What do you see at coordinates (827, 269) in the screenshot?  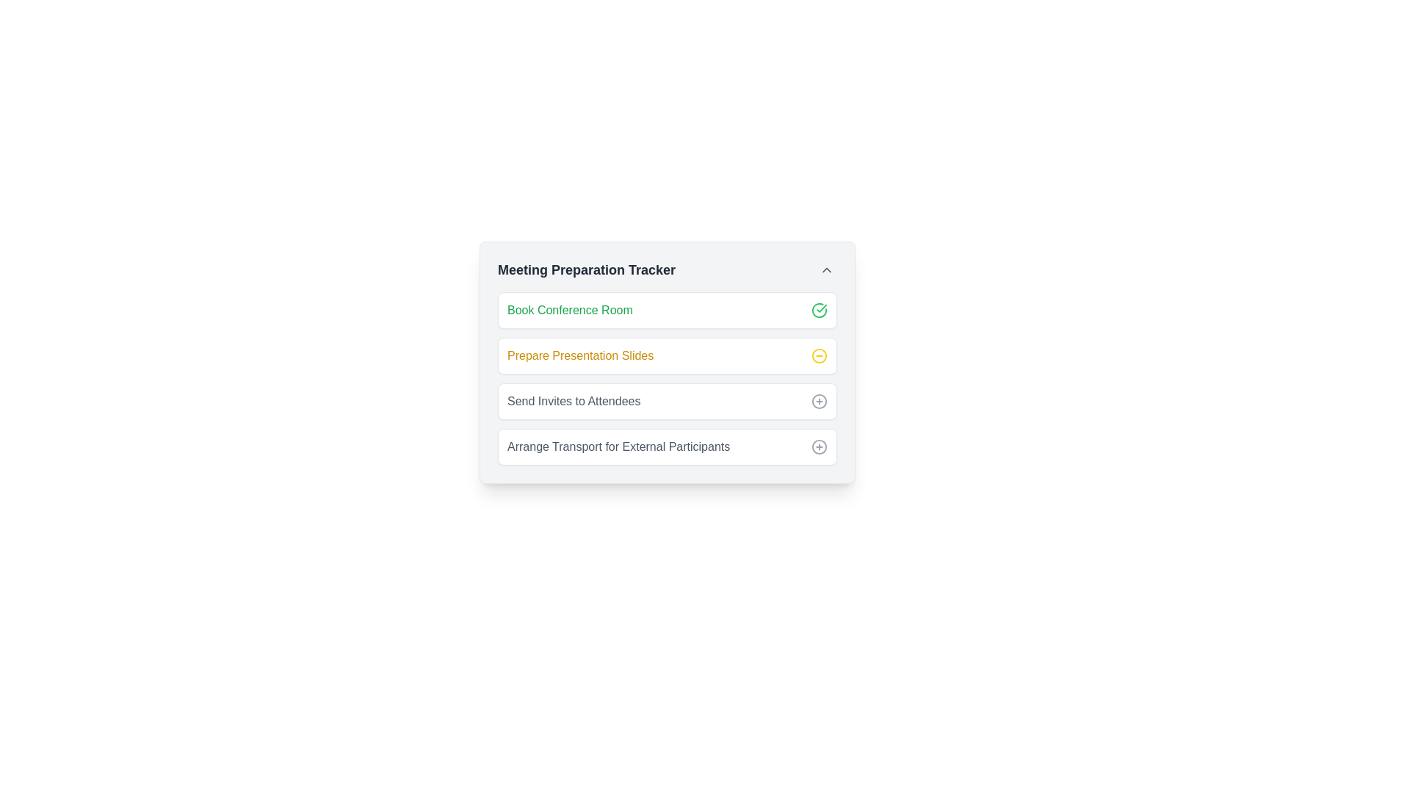 I see `the toggle button located at the top-right corner of the 'Meeting Preparation Tracker' card header` at bounding box center [827, 269].